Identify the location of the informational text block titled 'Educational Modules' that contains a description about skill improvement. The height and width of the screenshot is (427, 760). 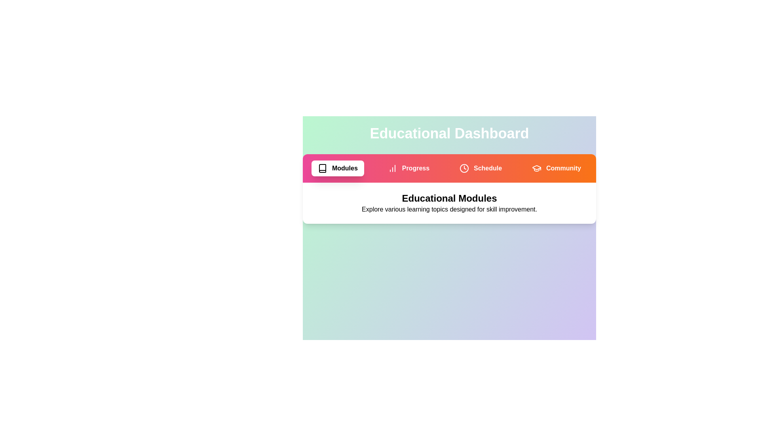
(449, 202).